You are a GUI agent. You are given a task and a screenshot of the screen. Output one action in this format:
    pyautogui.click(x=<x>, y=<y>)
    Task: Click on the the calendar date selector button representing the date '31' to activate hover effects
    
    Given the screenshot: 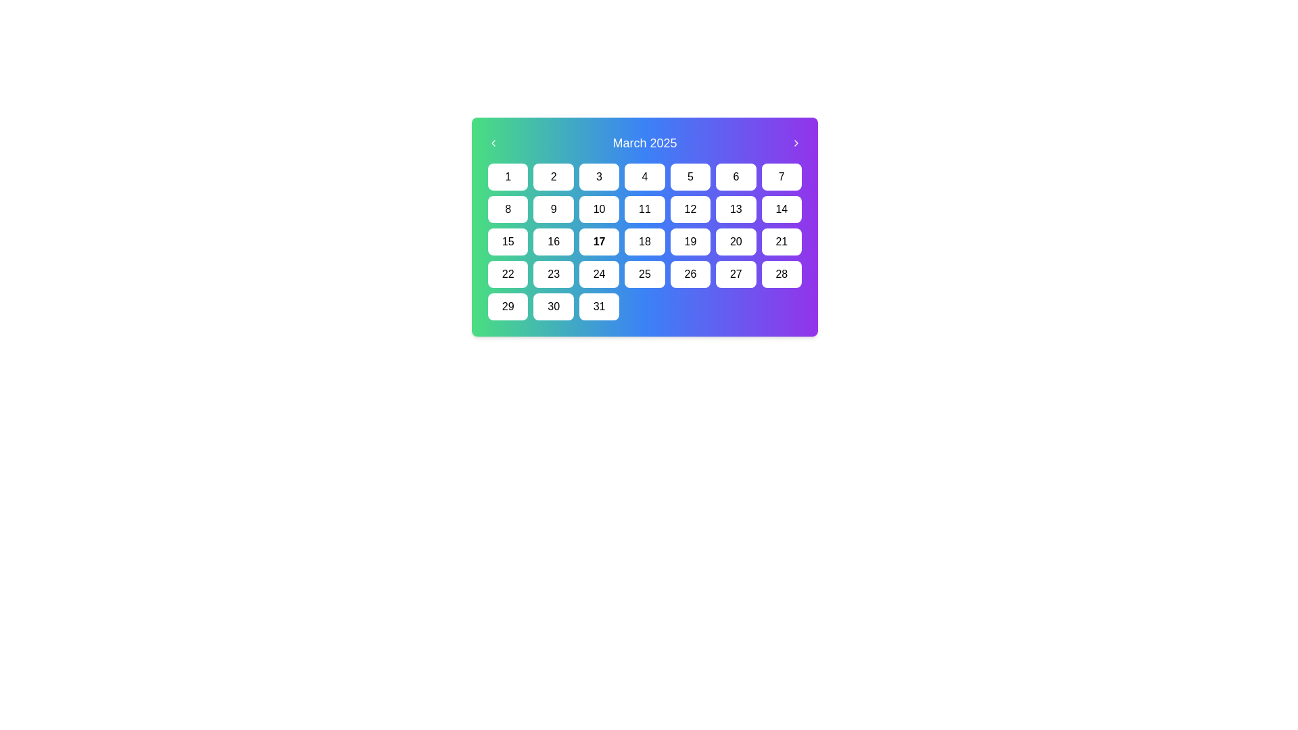 What is the action you would take?
    pyautogui.click(x=598, y=307)
    